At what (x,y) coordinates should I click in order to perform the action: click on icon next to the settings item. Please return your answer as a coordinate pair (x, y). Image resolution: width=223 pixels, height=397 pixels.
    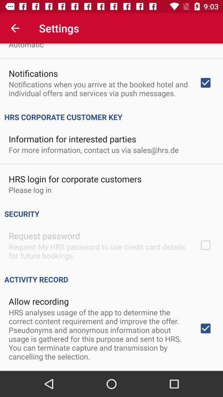
    Looking at the image, I should click on (15, 28).